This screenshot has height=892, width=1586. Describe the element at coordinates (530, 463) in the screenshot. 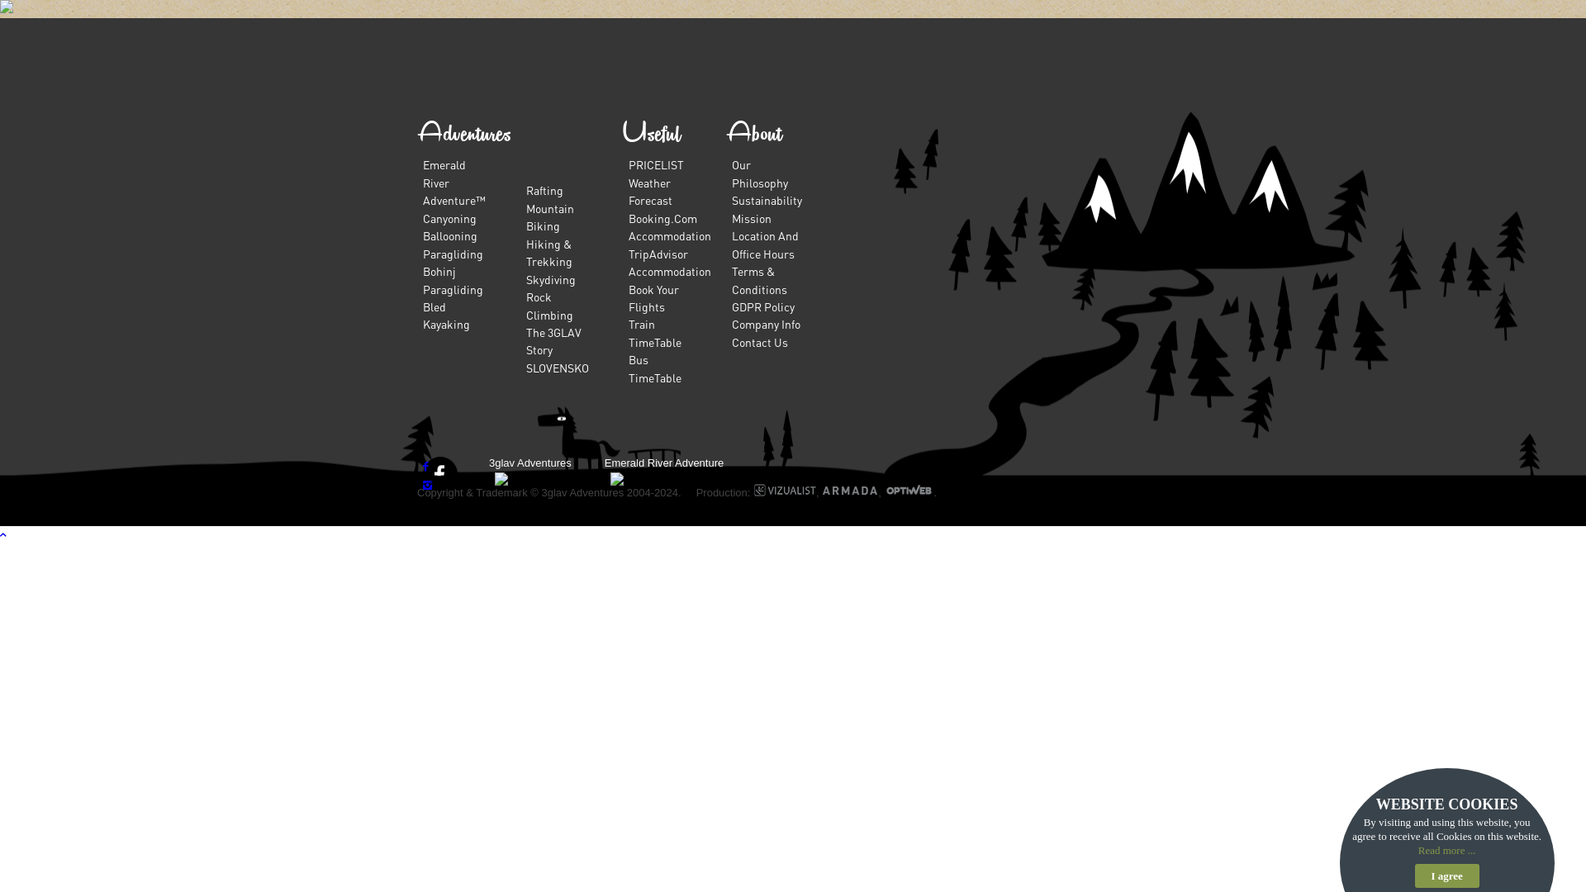

I see `'3glav Adventures'` at that location.